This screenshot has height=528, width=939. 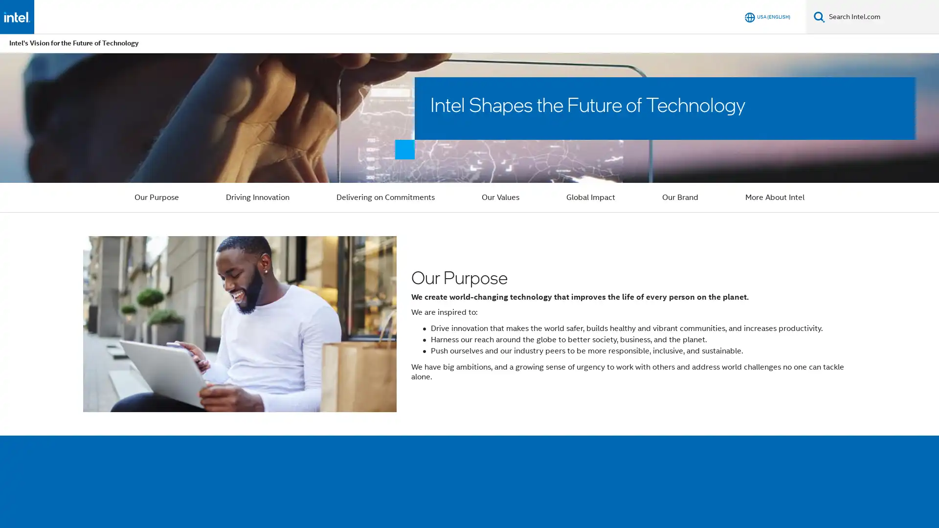 What do you see at coordinates (728, 17) in the screenshot?
I see `Sign In` at bounding box center [728, 17].